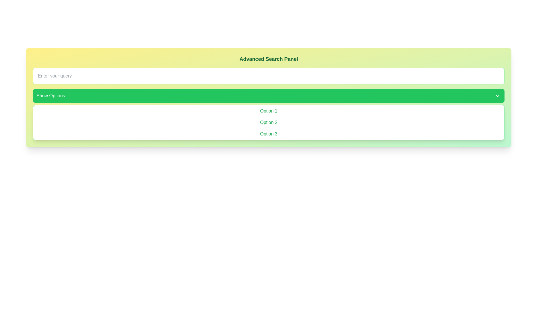  What do you see at coordinates (268, 59) in the screenshot?
I see `the static text label at the top of the panel that indicates the purpose of the content, located above the input box for query entry` at bounding box center [268, 59].